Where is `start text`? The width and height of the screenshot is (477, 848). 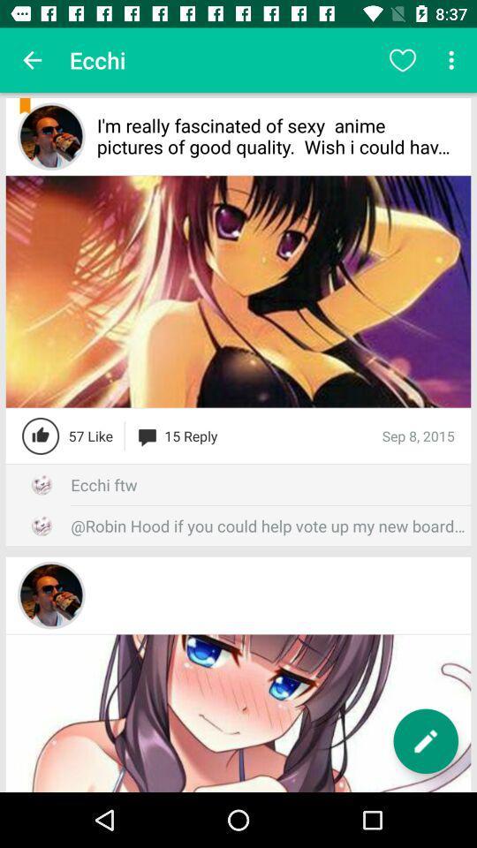 start text is located at coordinates (425, 741).